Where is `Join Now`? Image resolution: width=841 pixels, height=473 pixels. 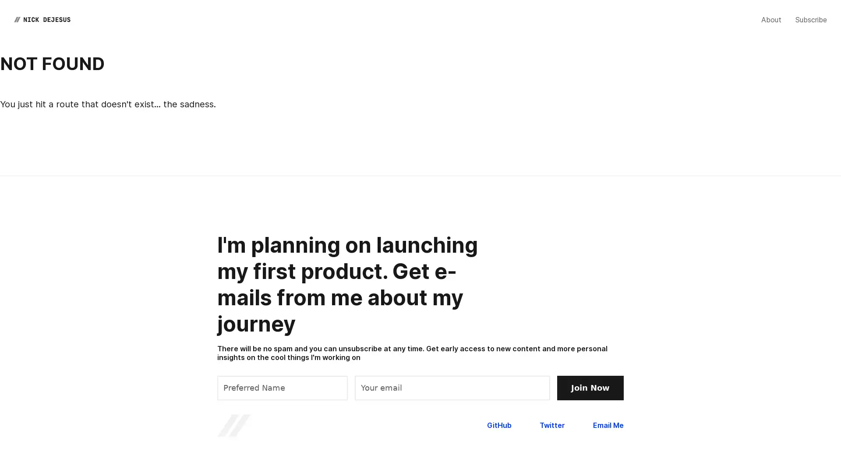 Join Now is located at coordinates (590, 387).